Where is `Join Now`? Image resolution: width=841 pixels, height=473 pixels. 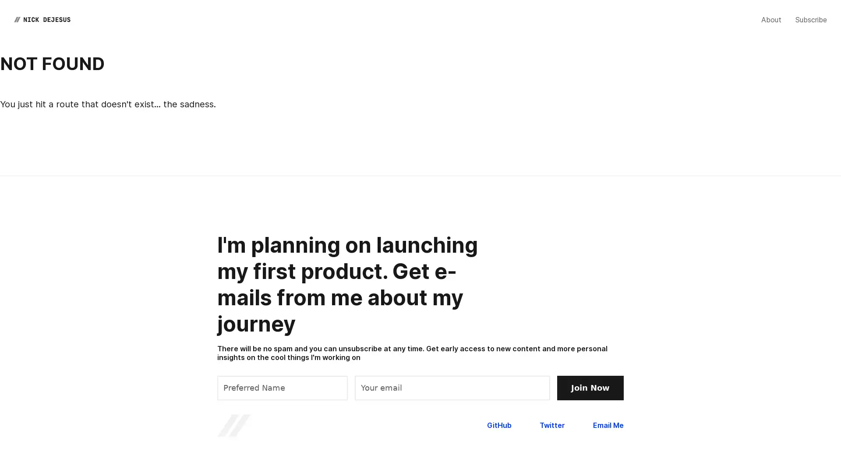 Join Now is located at coordinates (590, 387).